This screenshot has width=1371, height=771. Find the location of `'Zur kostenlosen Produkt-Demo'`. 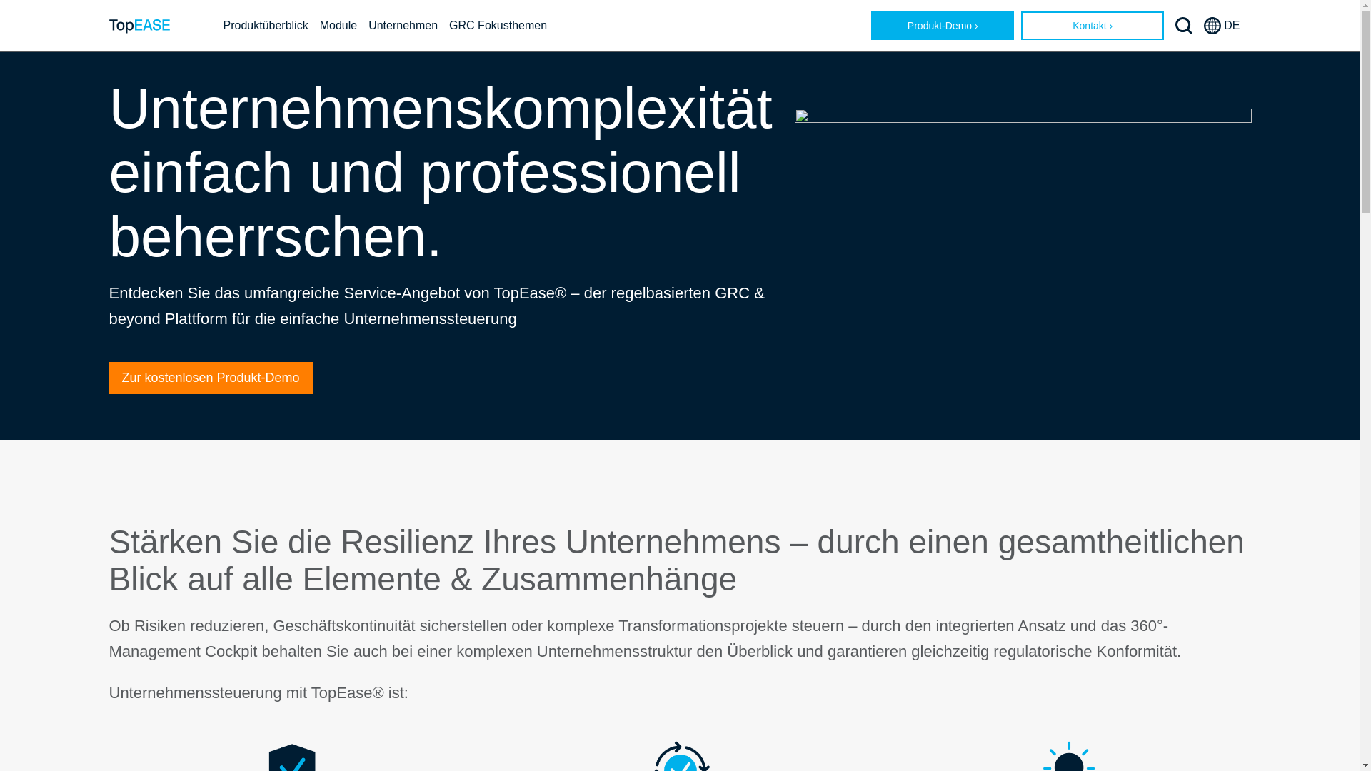

'Zur kostenlosen Produkt-Demo' is located at coordinates (209, 377).